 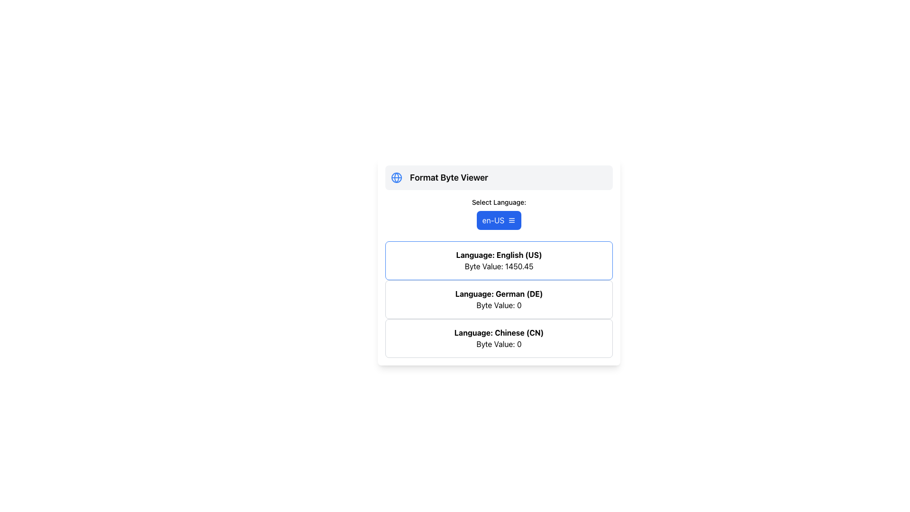 I want to click on the foremost circular SVG element that visually represents part of the globe icon, located in the top-middle section of the main interface, so click(x=396, y=177).